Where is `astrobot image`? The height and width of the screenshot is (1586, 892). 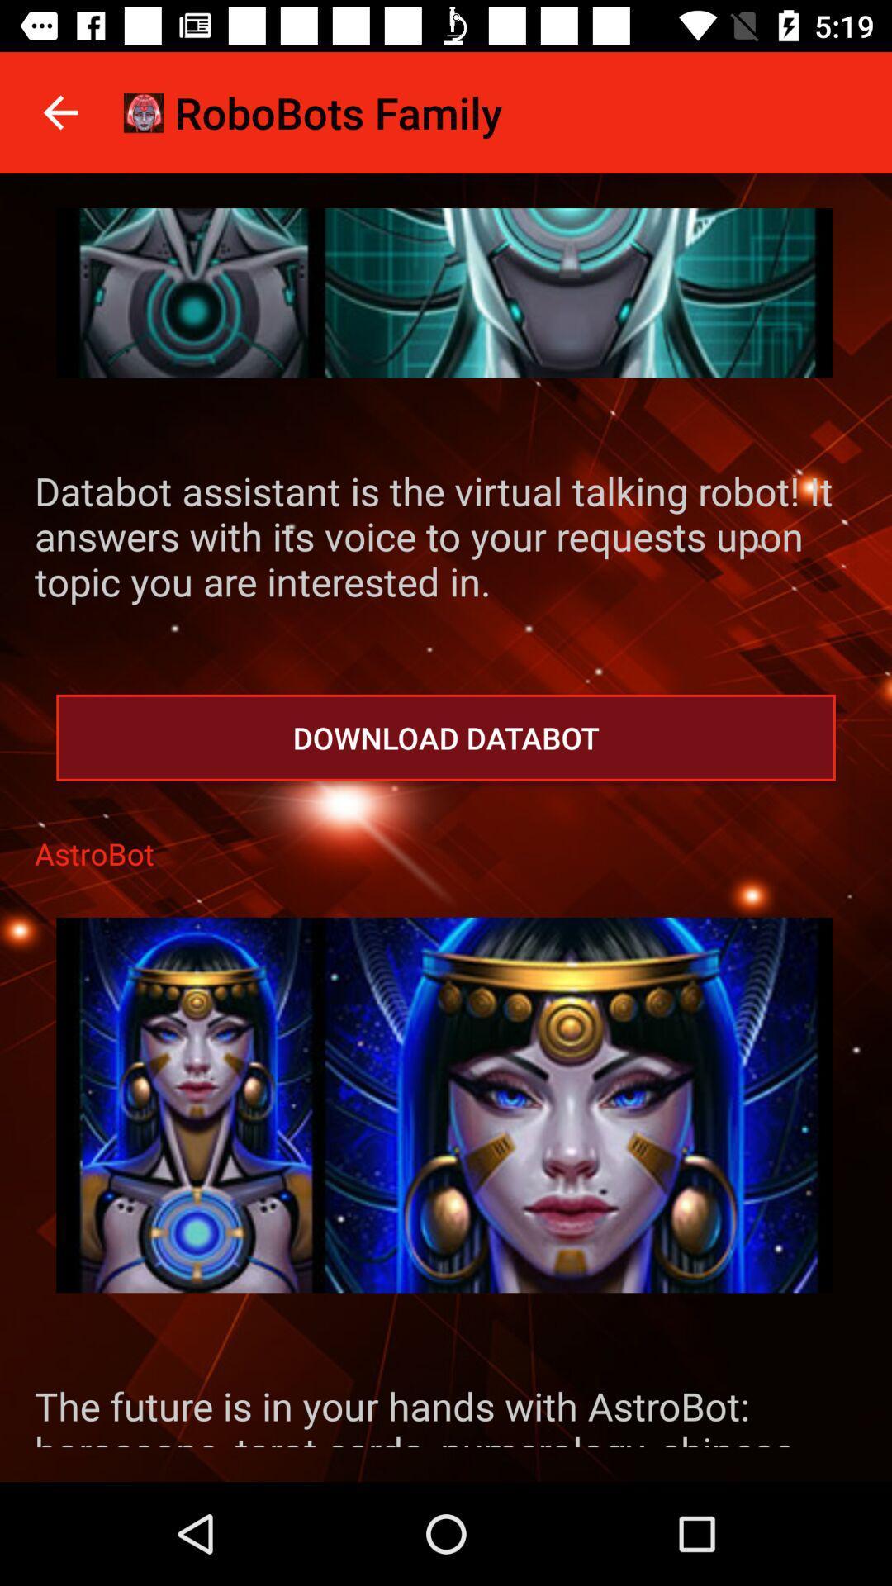 astrobot image is located at coordinates (444, 1105).